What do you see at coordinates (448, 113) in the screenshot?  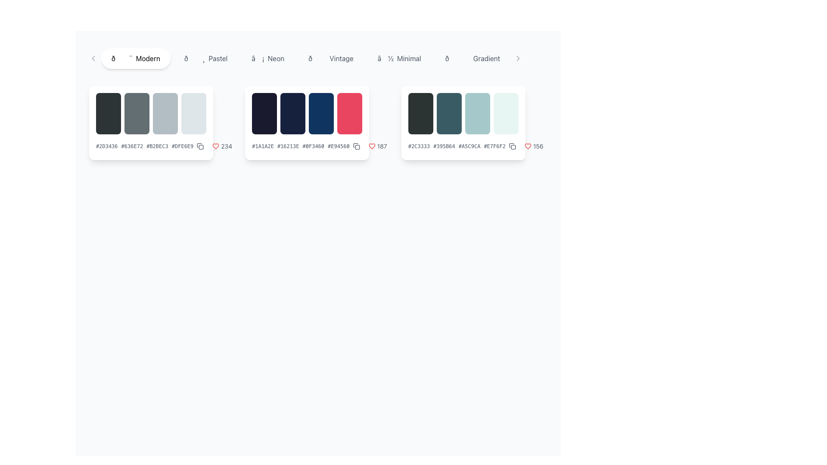 I see `the decorative box, which is the second rectangular component with rounded corners and a dark teal background in a horizontal sequence of four similar elements` at bounding box center [448, 113].